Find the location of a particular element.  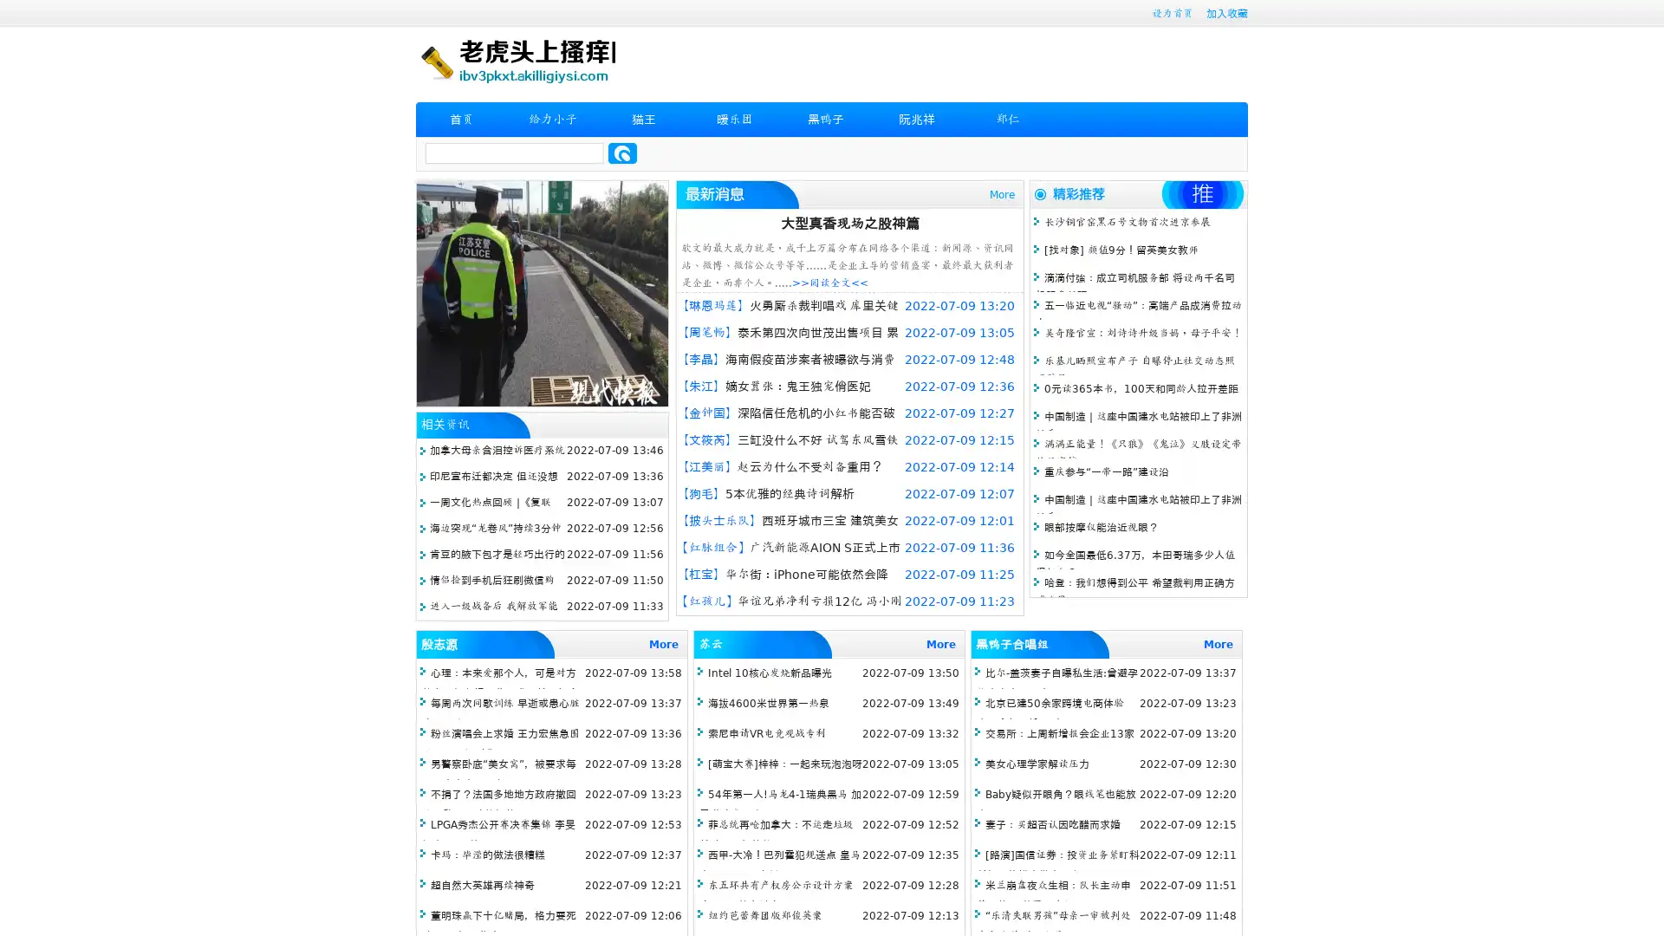

Search is located at coordinates (622, 153).